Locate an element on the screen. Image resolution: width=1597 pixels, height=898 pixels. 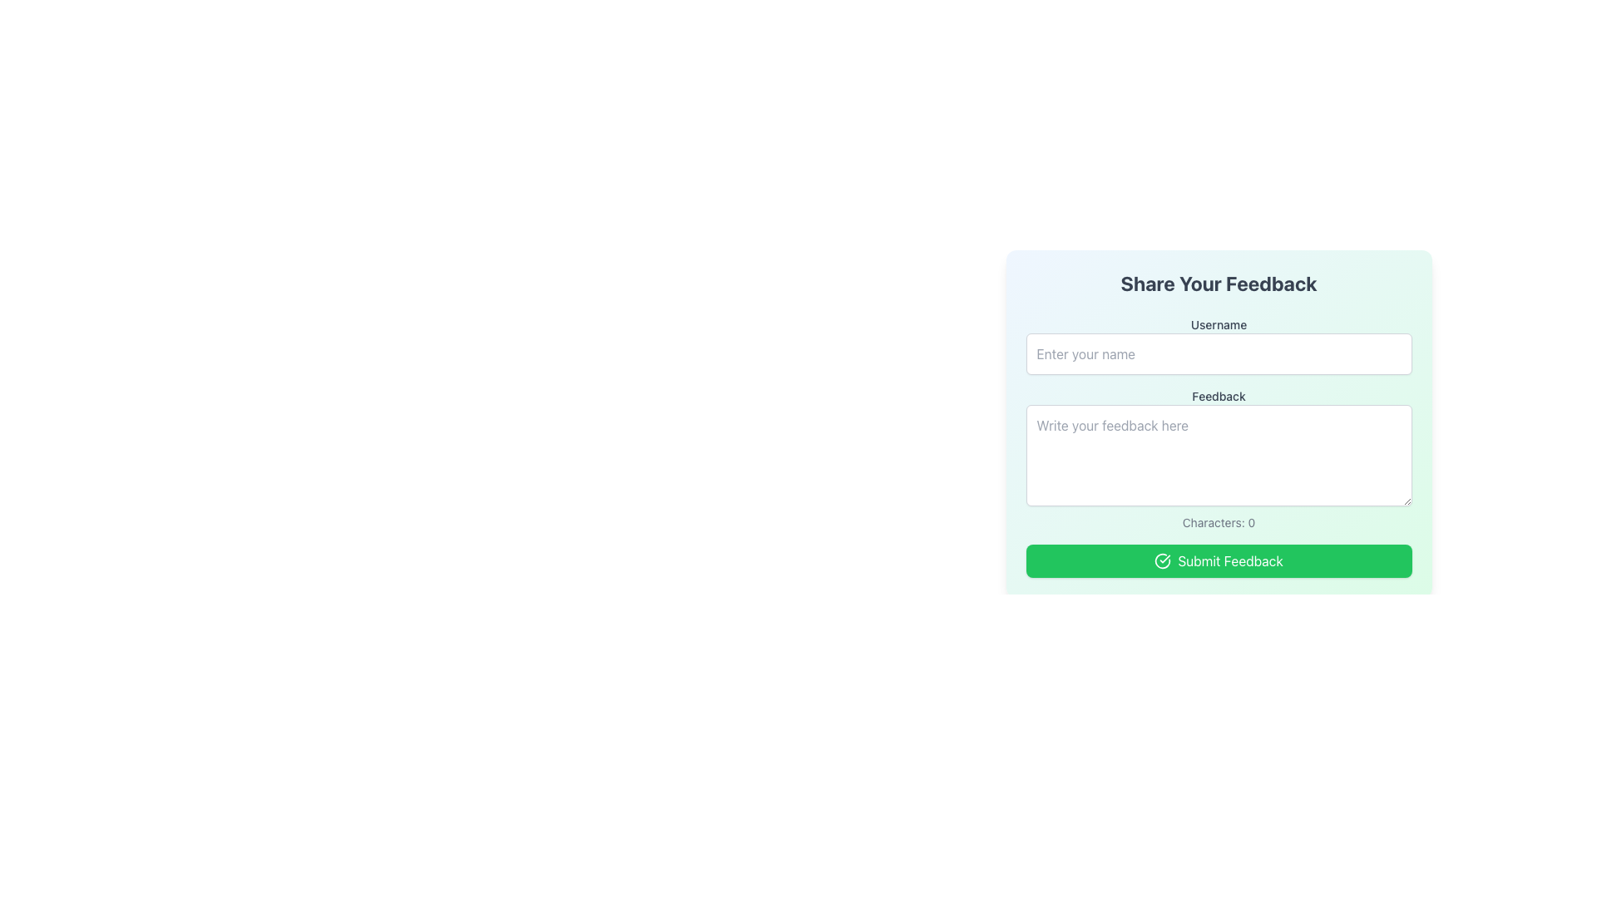
the 'Username' label which provides context for the associated input field, located centrally above the username input in the feedback form is located at coordinates (1219, 324).